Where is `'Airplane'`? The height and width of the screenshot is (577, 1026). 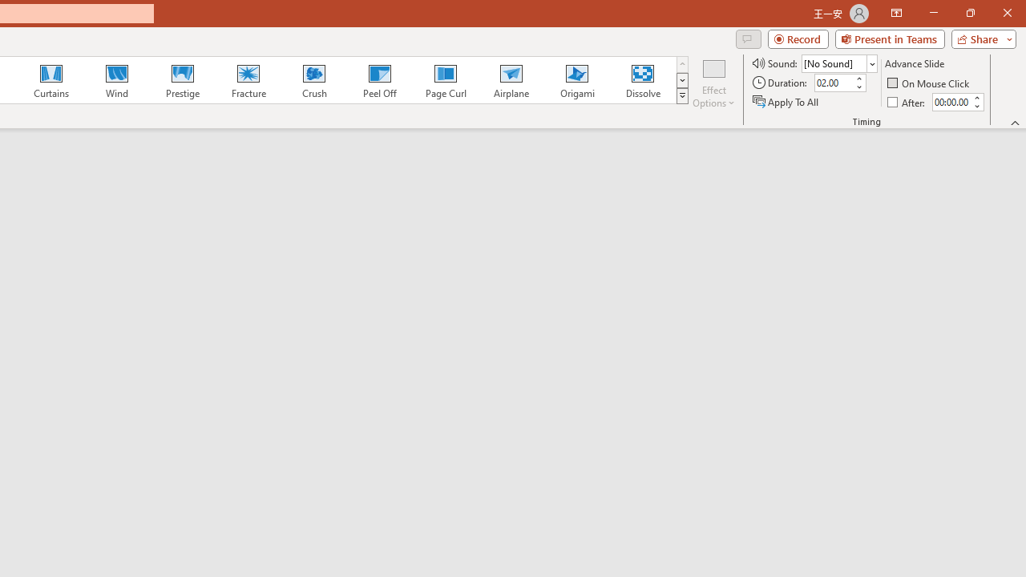 'Airplane' is located at coordinates (510, 80).